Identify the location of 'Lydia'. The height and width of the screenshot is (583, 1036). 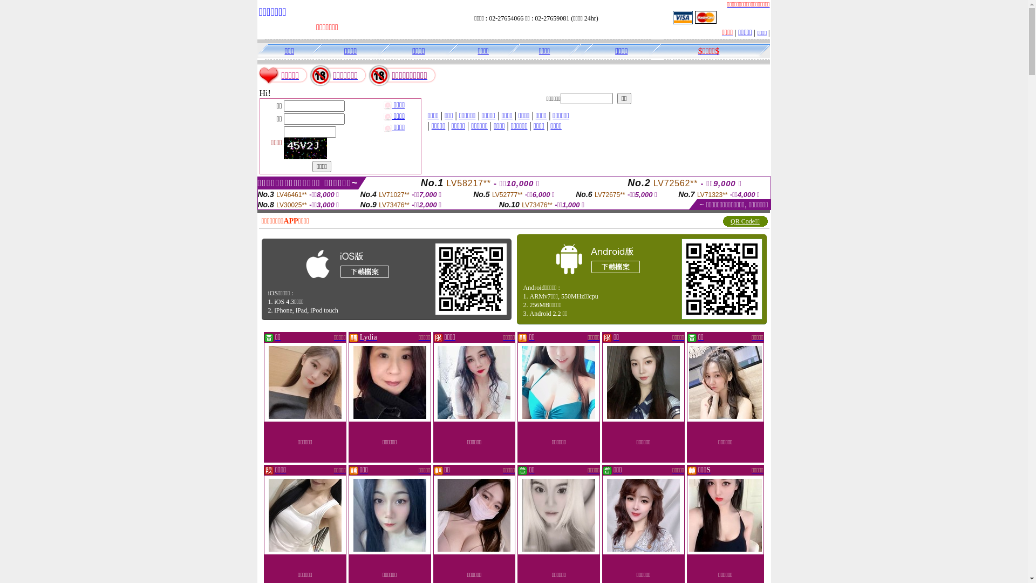
(360, 336).